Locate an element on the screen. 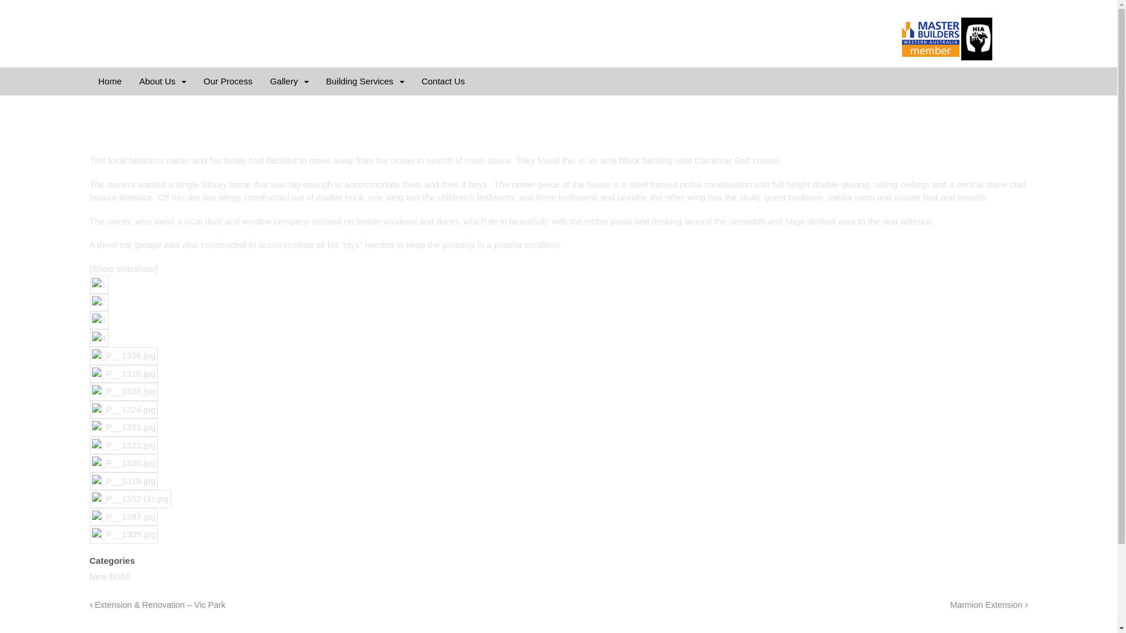 The image size is (1126, 633). '_P__1397.jpg' is located at coordinates (123, 516).